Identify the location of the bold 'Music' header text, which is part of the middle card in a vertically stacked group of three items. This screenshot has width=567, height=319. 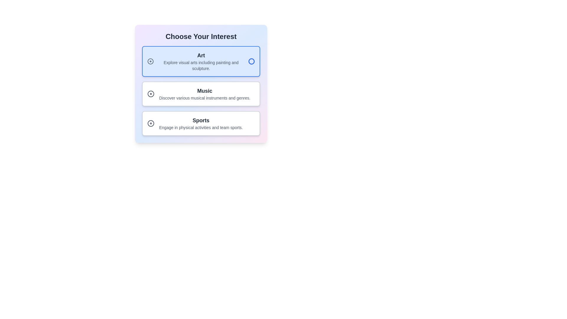
(205, 91).